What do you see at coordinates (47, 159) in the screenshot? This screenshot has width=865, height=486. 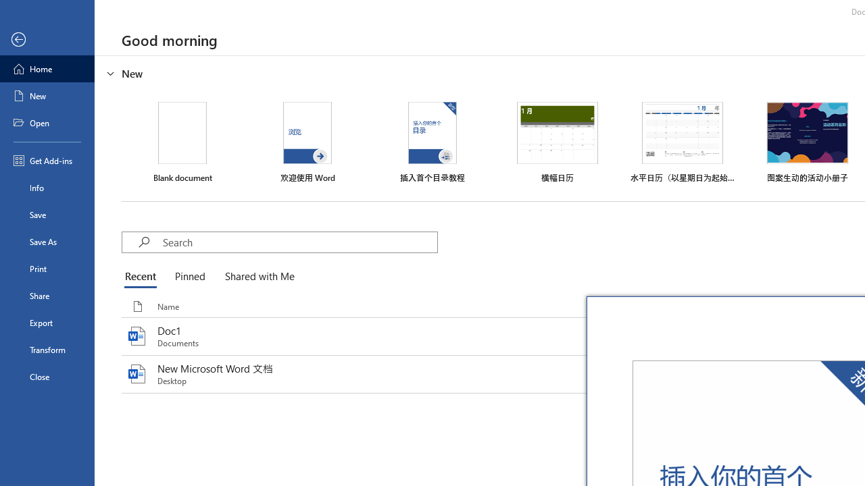 I see `'Get Add-ins'` at bounding box center [47, 159].